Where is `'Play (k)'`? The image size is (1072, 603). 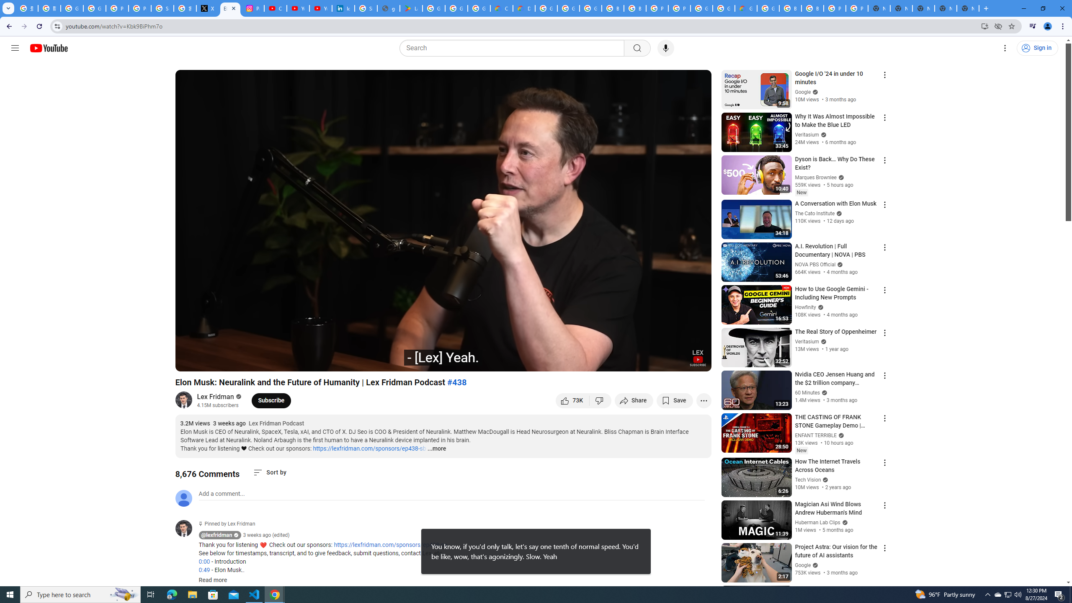
'Play (k)' is located at coordinates (189, 361).